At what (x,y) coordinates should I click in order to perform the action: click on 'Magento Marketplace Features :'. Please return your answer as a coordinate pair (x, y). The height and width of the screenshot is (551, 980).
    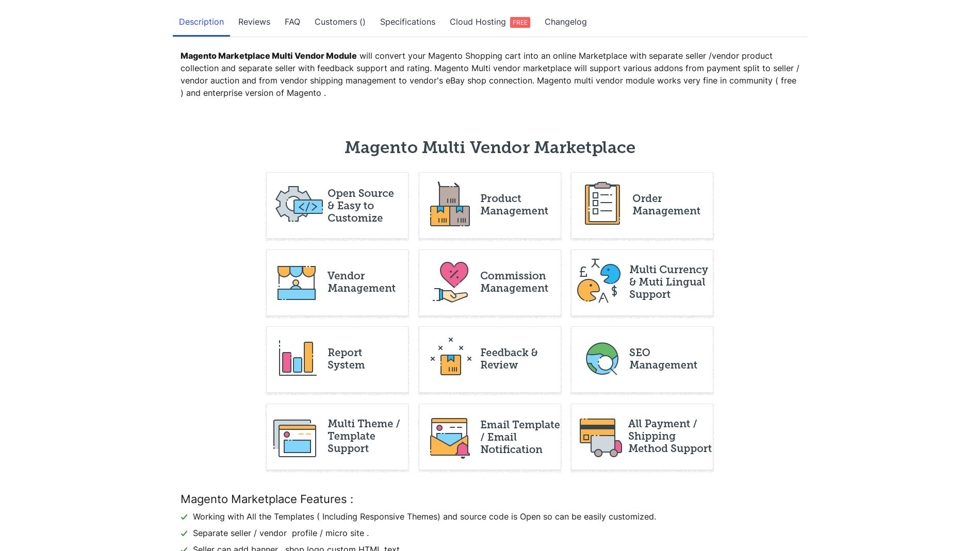
    Looking at the image, I should click on (267, 498).